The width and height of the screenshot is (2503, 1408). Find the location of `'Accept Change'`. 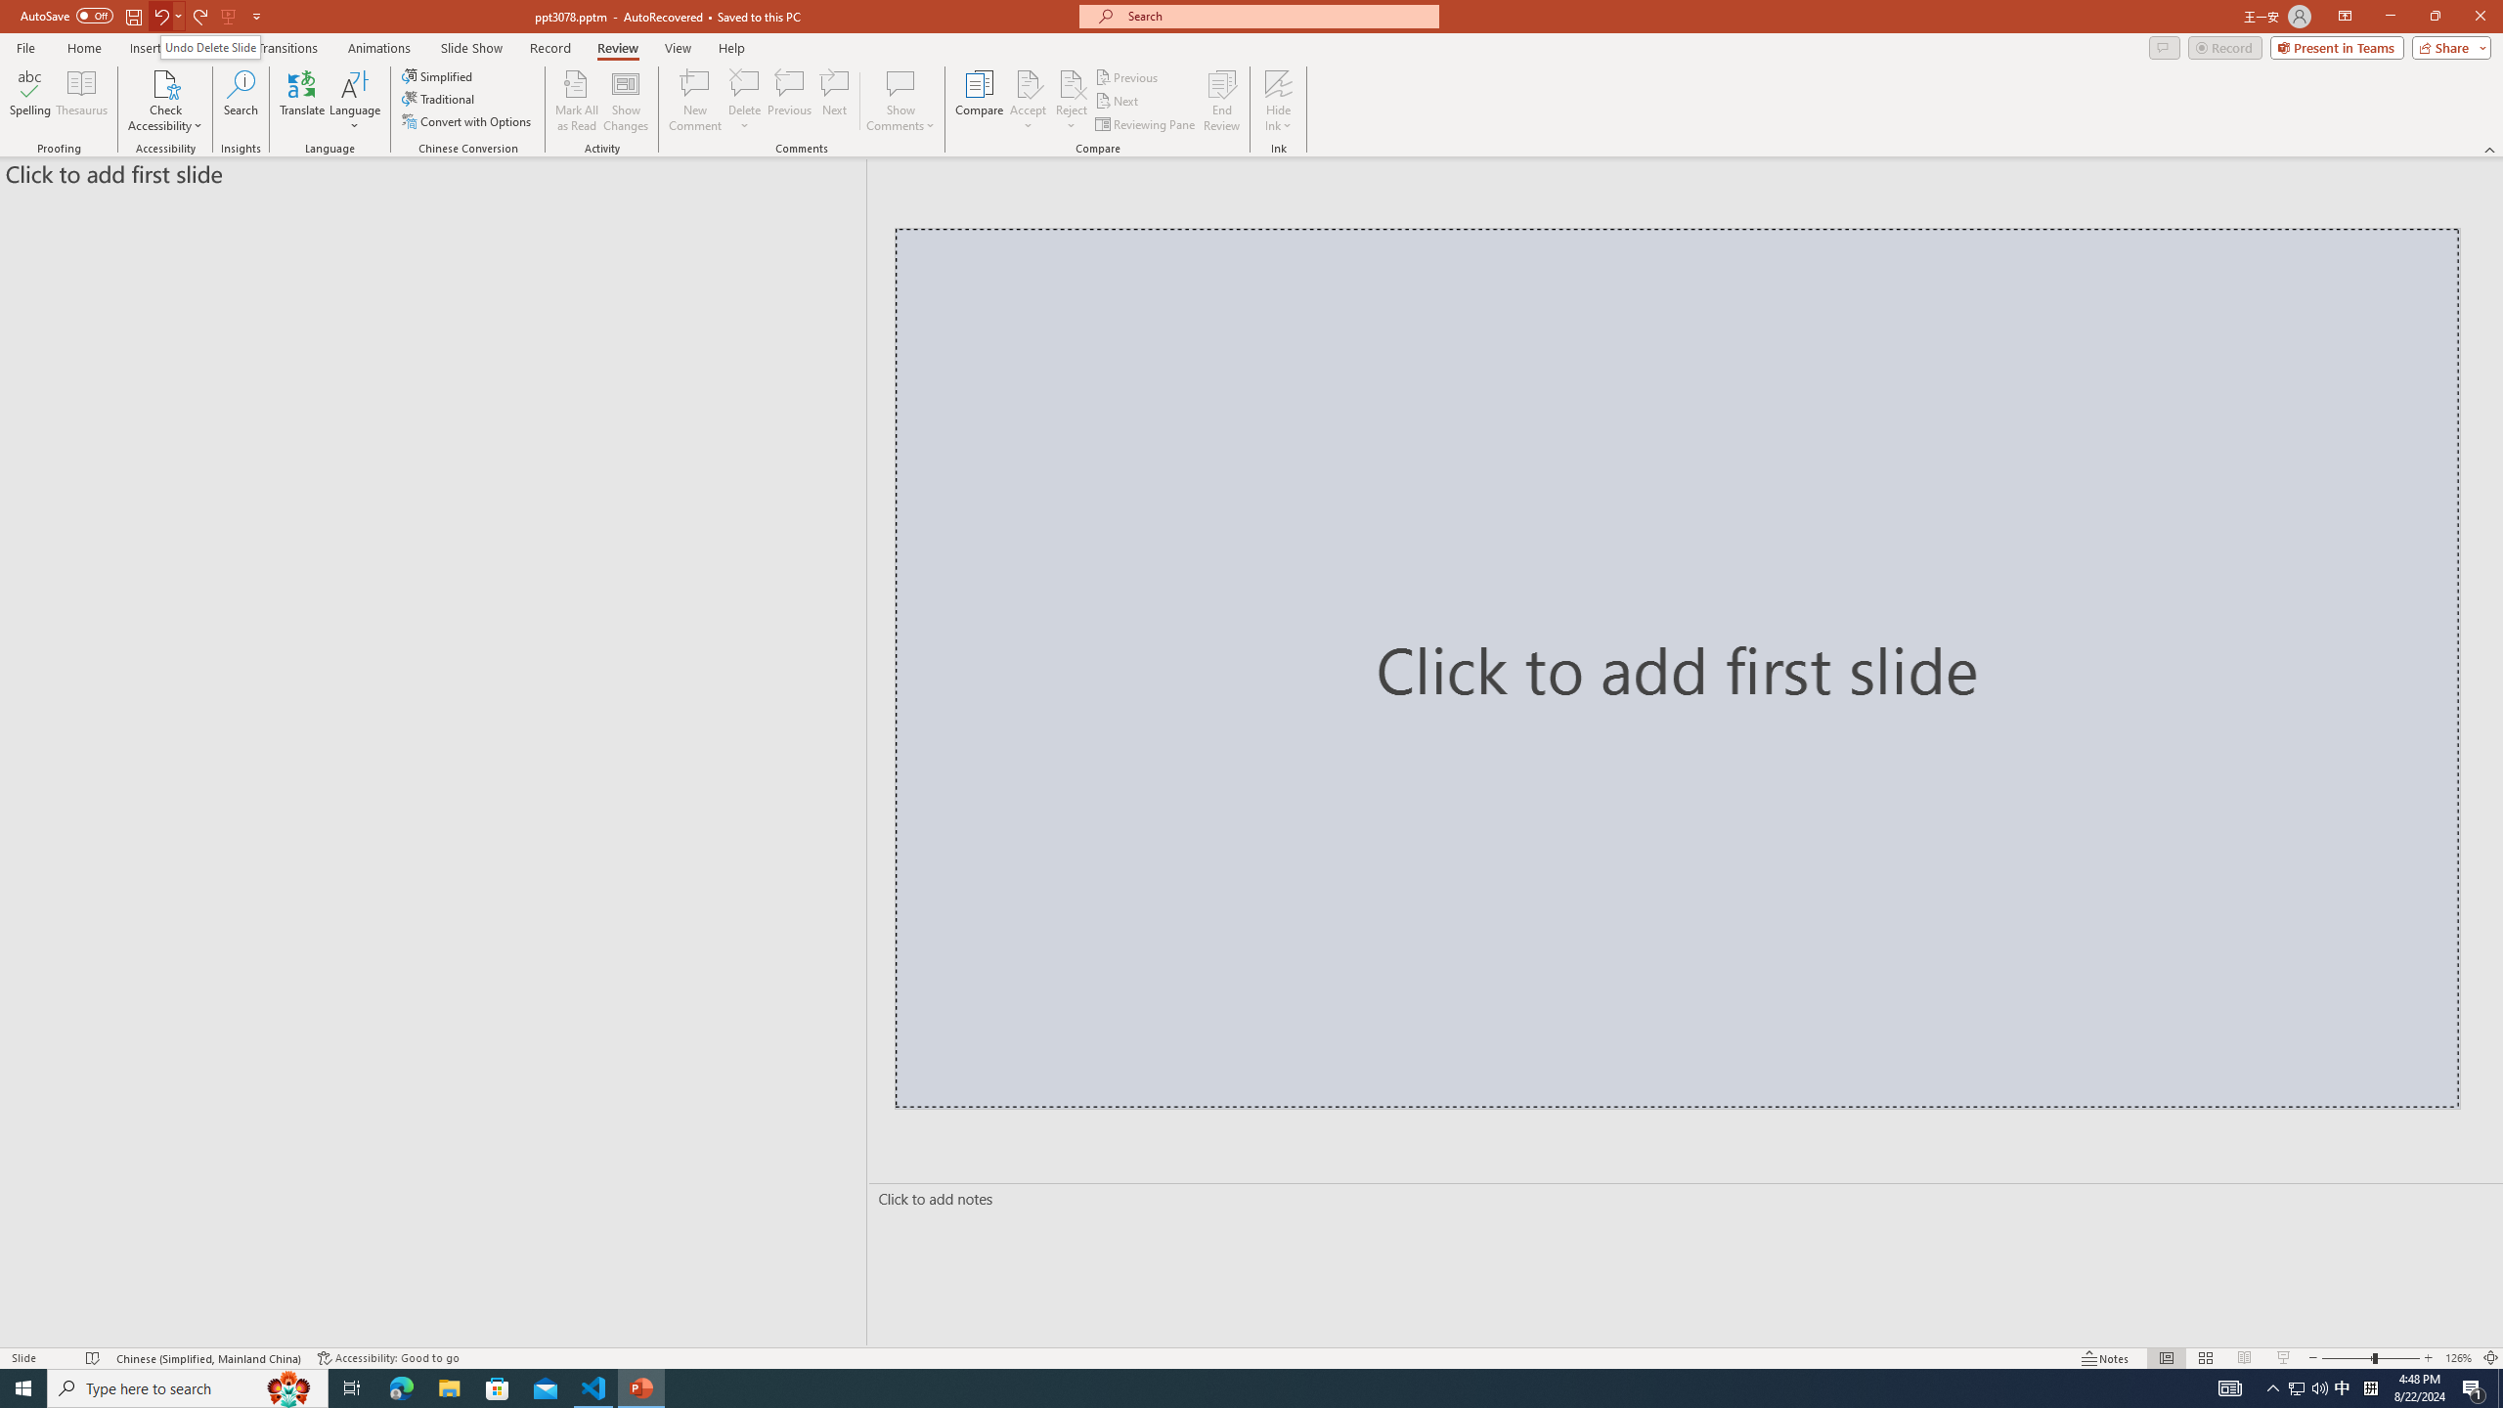

'Accept Change' is located at coordinates (1028, 82).